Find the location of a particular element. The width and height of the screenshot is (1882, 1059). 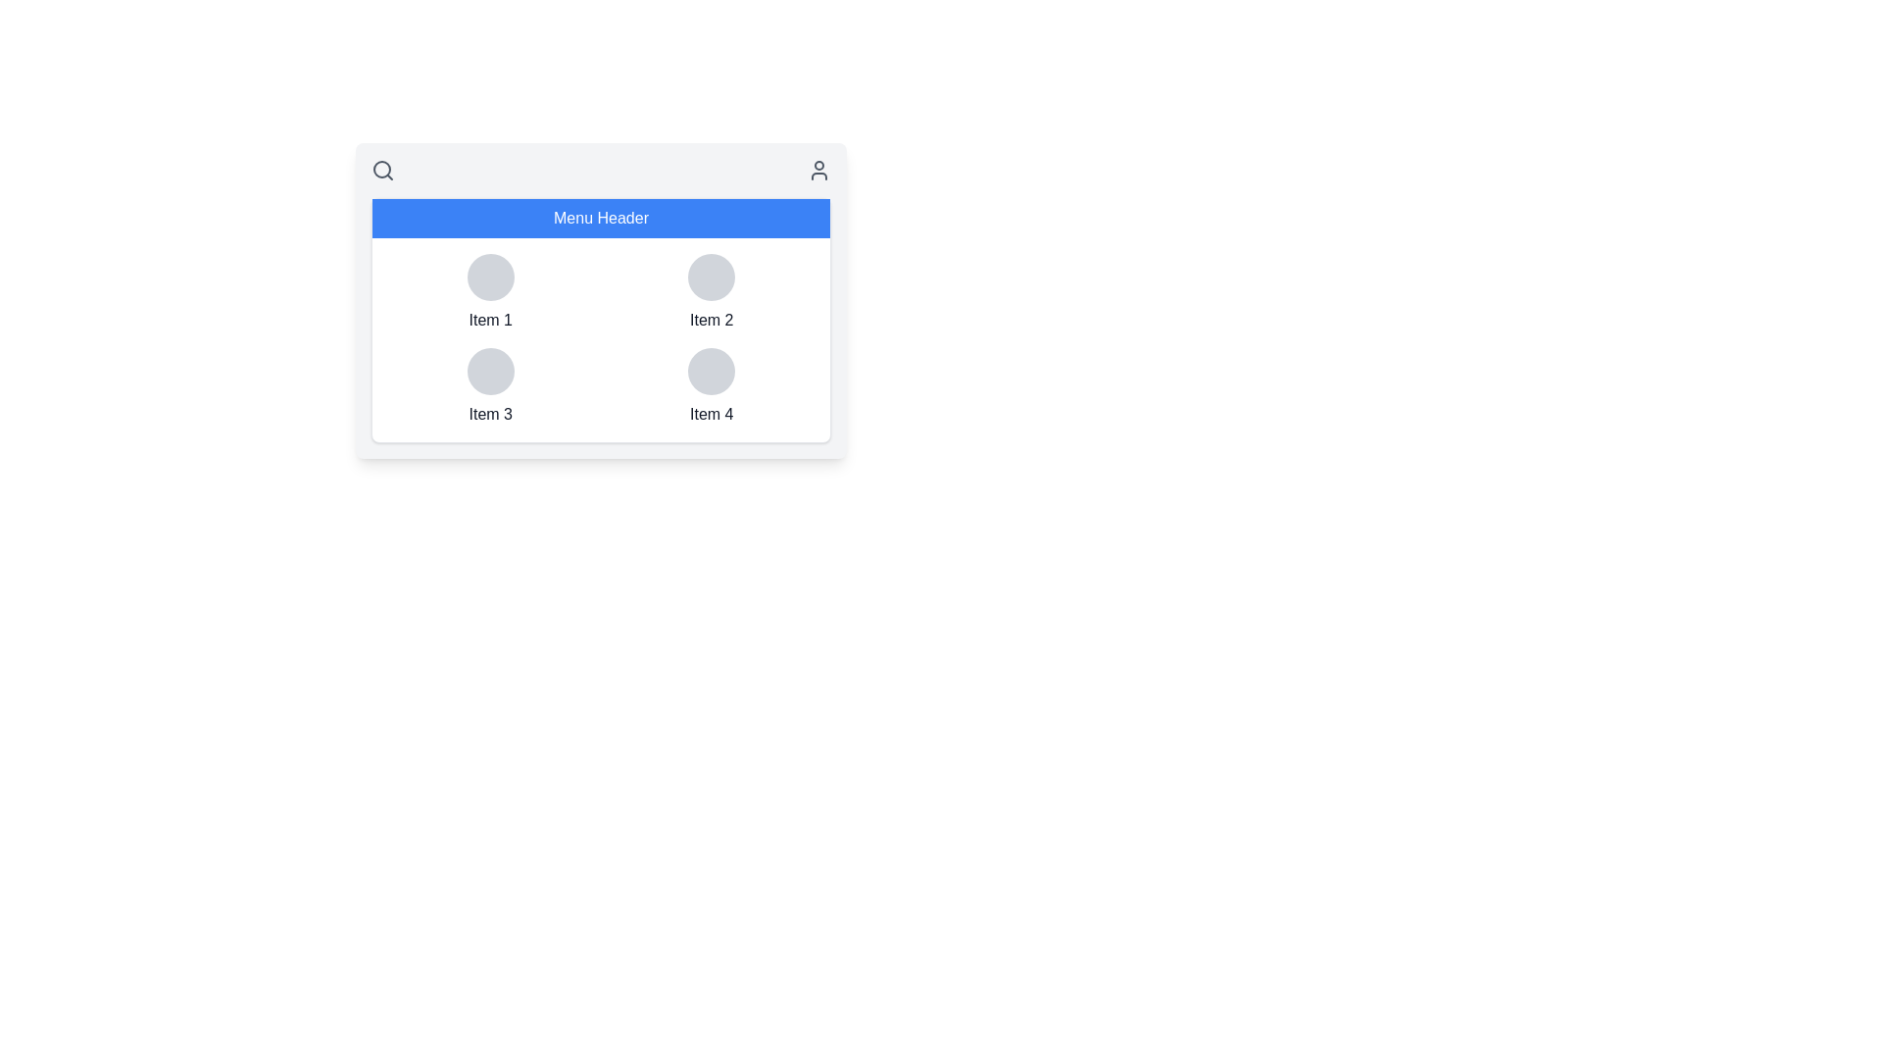

the third item in the grid structure, which serves as a visual indicator or selection option is located at coordinates (490, 386).